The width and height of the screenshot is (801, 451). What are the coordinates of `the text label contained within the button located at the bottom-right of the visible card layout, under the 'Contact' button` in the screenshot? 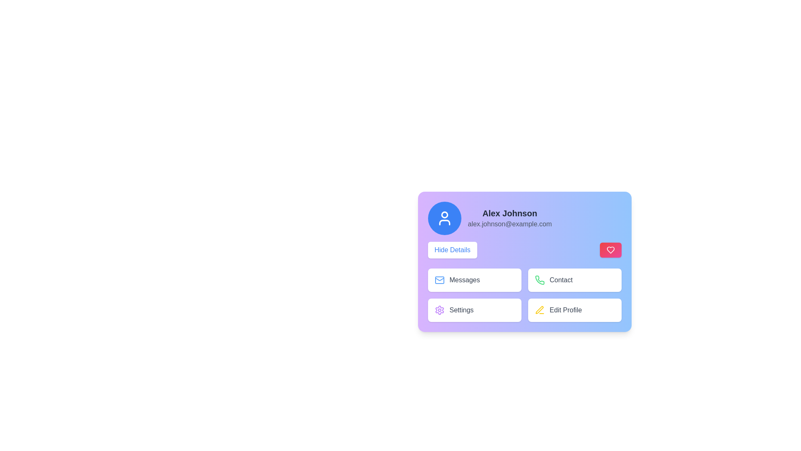 It's located at (566, 310).